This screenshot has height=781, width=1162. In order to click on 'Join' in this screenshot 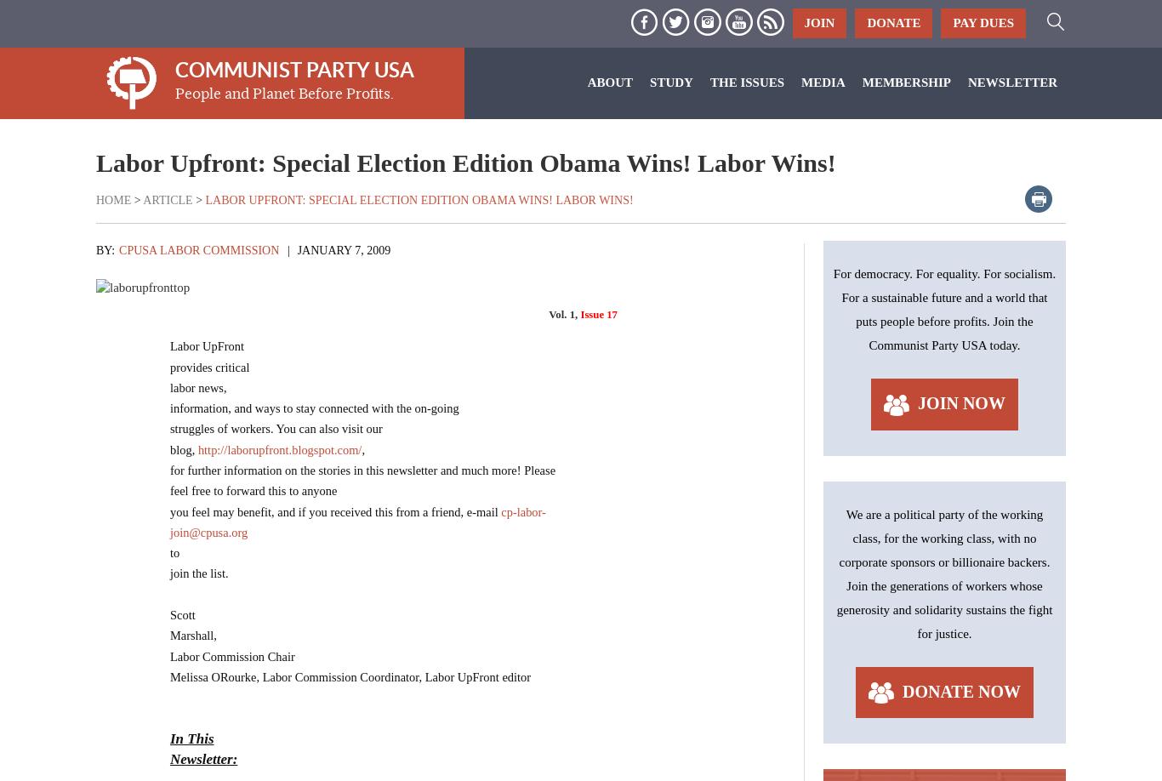, I will do `click(819, 22)`.